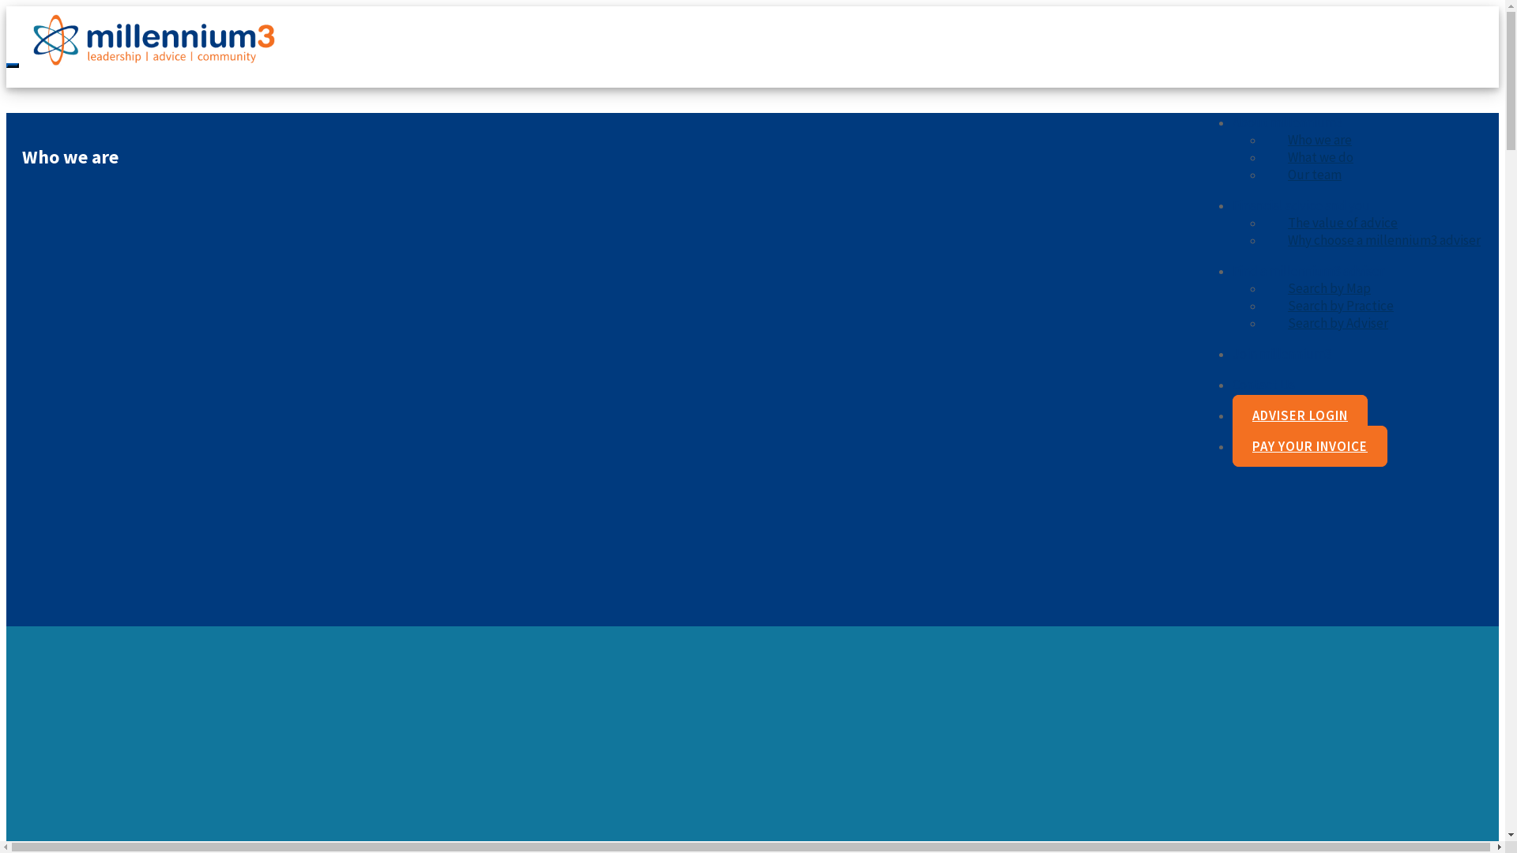  I want to click on 'Financial advice and you', so click(1301, 204).